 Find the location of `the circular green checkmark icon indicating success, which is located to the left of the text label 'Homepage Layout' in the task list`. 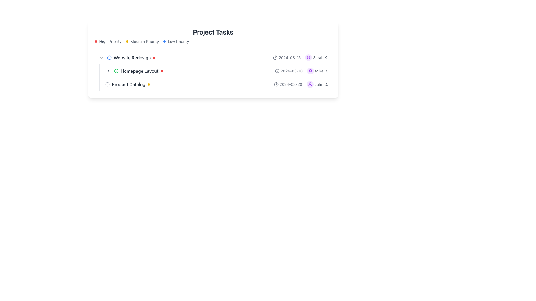

the circular green checkmark icon indicating success, which is located to the left of the text label 'Homepage Layout' in the task list is located at coordinates (116, 71).